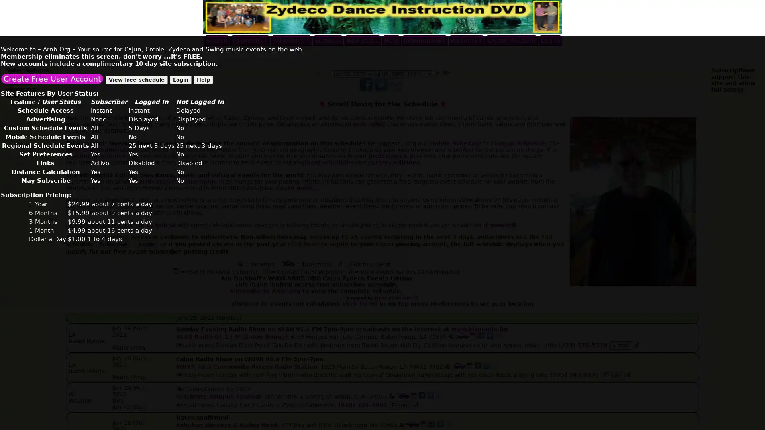  I want to click on E-mail, so click(612, 375).